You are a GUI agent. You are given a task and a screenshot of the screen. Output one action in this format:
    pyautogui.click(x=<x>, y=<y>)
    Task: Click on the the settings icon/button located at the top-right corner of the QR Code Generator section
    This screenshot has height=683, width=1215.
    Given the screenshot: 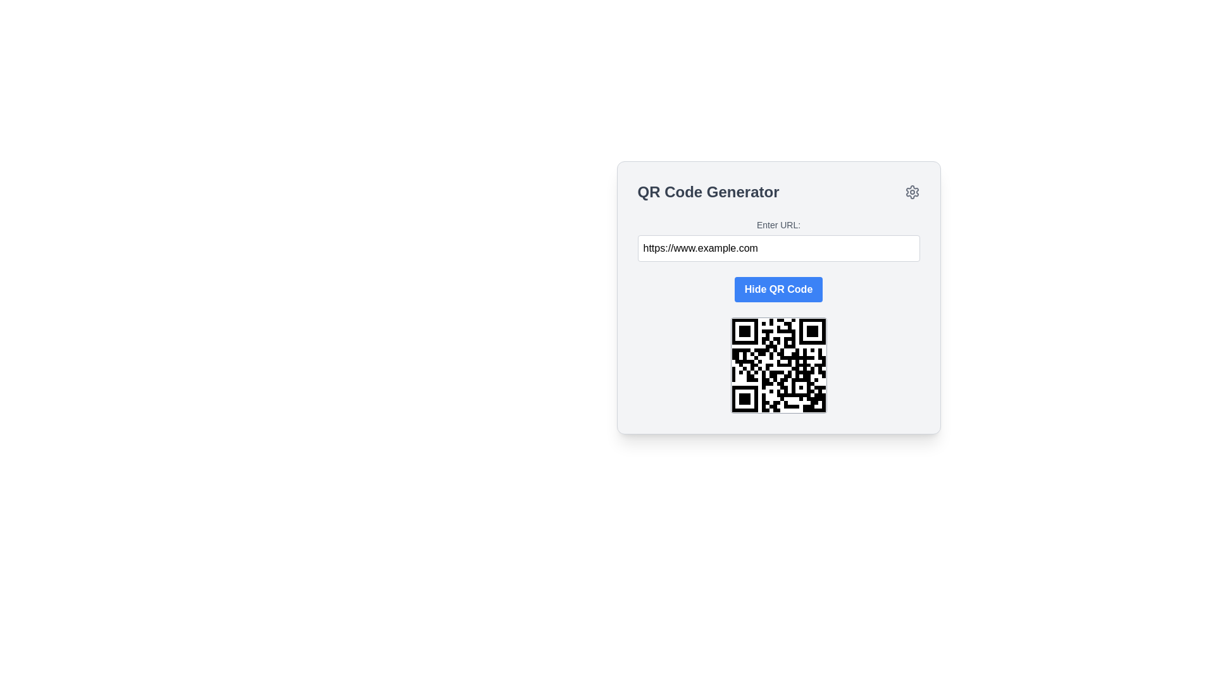 What is the action you would take?
    pyautogui.click(x=912, y=192)
    